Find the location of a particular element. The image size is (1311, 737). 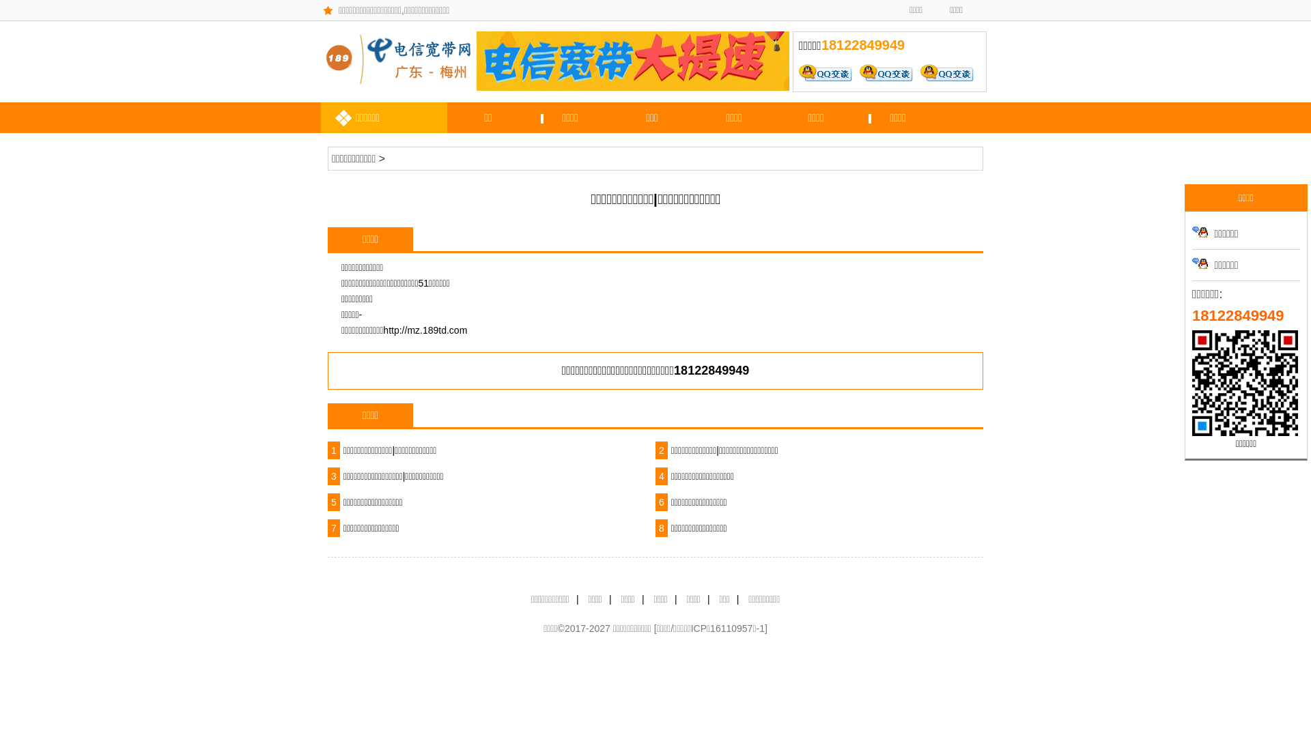

'http://mz.189td.com' is located at coordinates (424, 330).